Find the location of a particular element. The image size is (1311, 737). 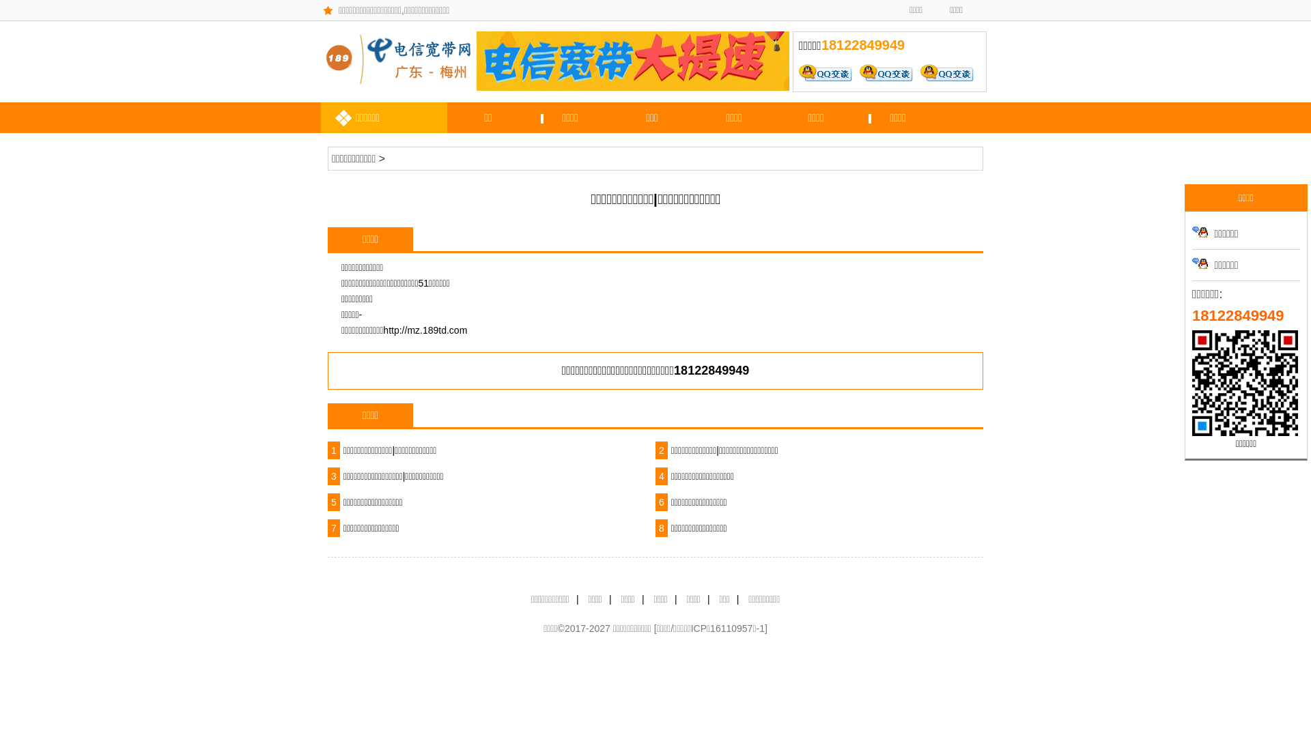

'http://mz.189td.com' is located at coordinates (424, 330).